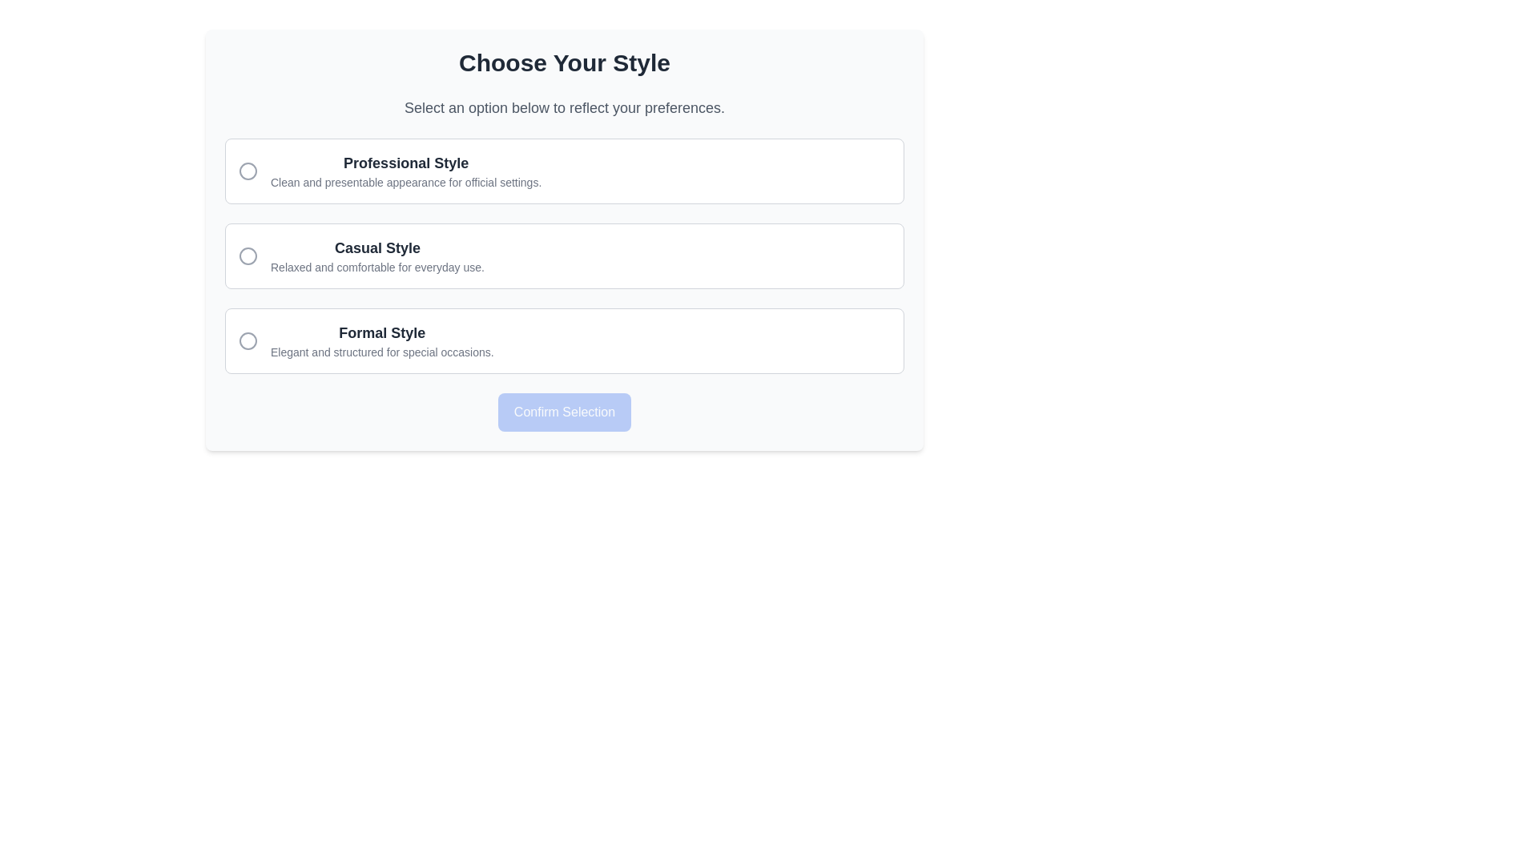  I want to click on the radio button within the 'Choose Your Style' group, so click(565, 255).